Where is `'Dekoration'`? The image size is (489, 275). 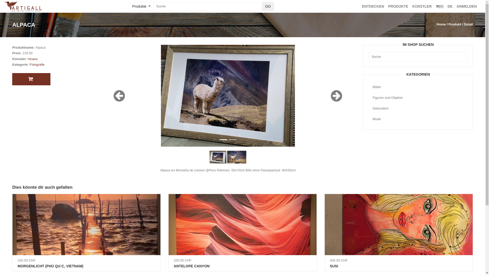 'Dekoration' is located at coordinates (418, 108).